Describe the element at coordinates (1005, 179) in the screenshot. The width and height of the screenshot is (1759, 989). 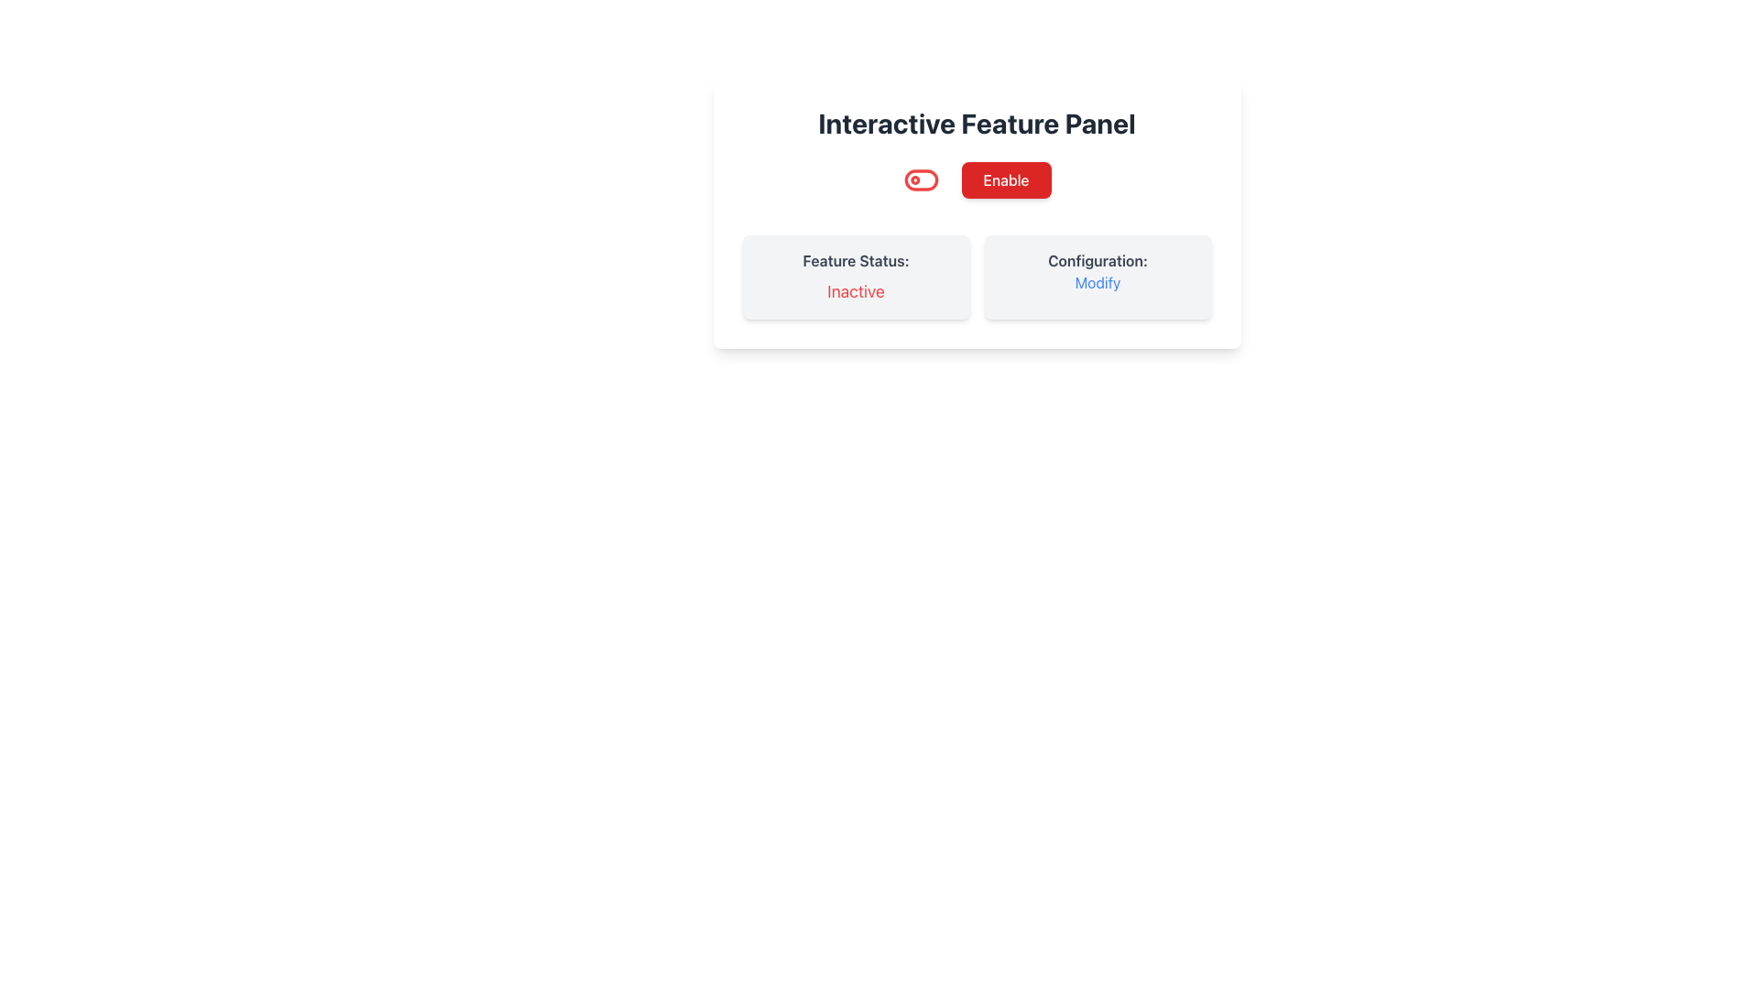
I see `the button located near the top center of the interface panel, positioned to the right of a toggle switch icon` at that location.